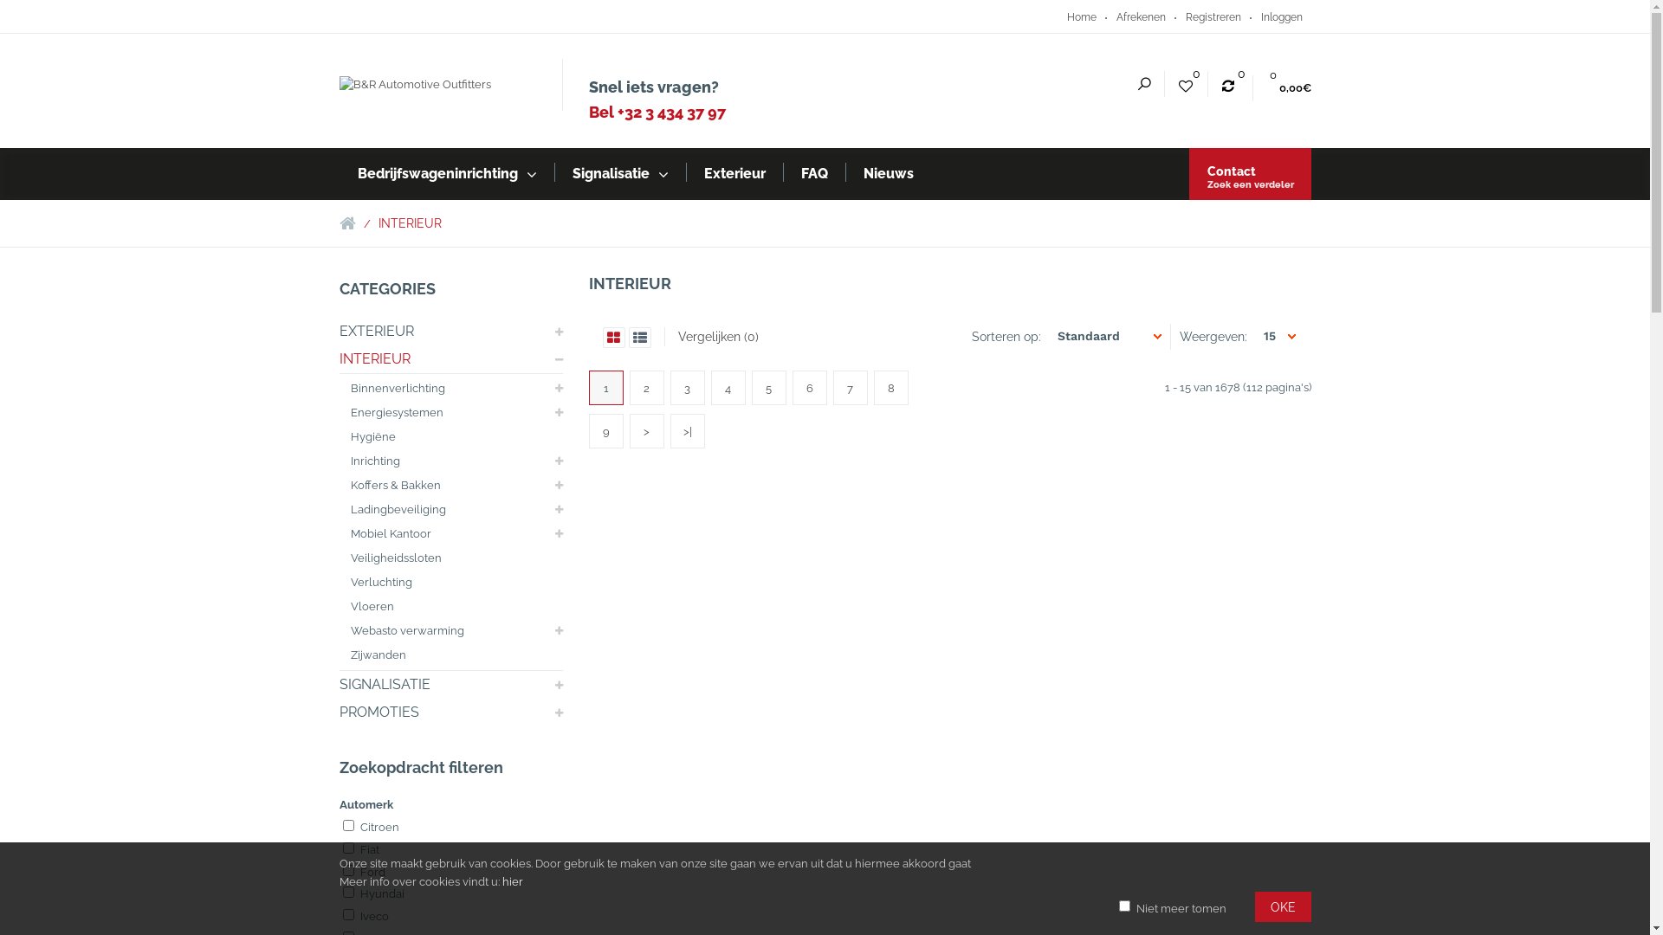 This screenshot has width=1663, height=935. What do you see at coordinates (1227, 81) in the screenshot?
I see `'0'` at bounding box center [1227, 81].